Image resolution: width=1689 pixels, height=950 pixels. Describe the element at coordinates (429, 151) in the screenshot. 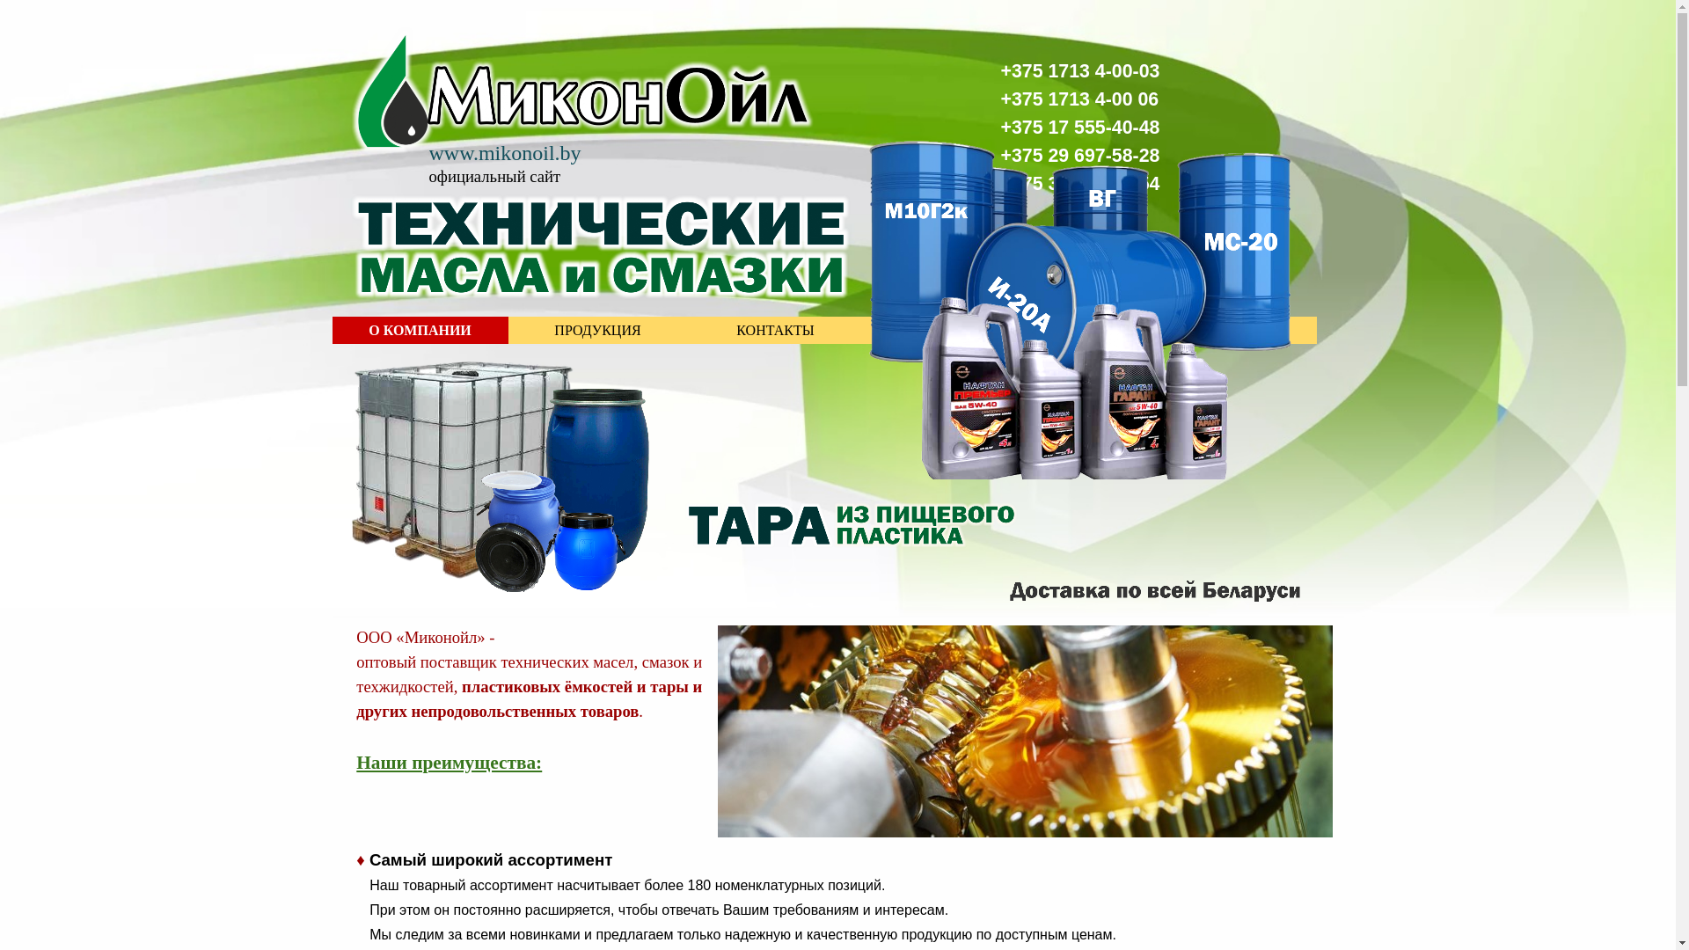

I see `'www.mikonoil.by'` at that location.